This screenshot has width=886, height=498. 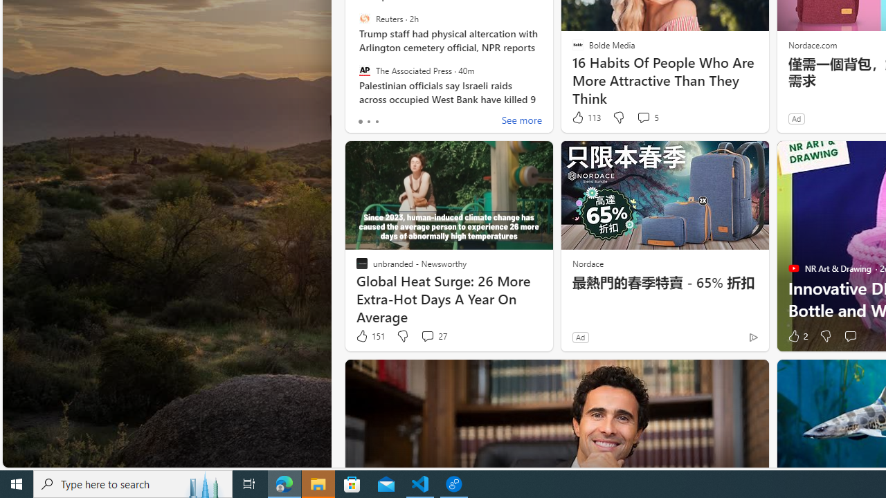 What do you see at coordinates (370, 336) in the screenshot?
I see `'151 Like'` at bounding box center [370, 336].